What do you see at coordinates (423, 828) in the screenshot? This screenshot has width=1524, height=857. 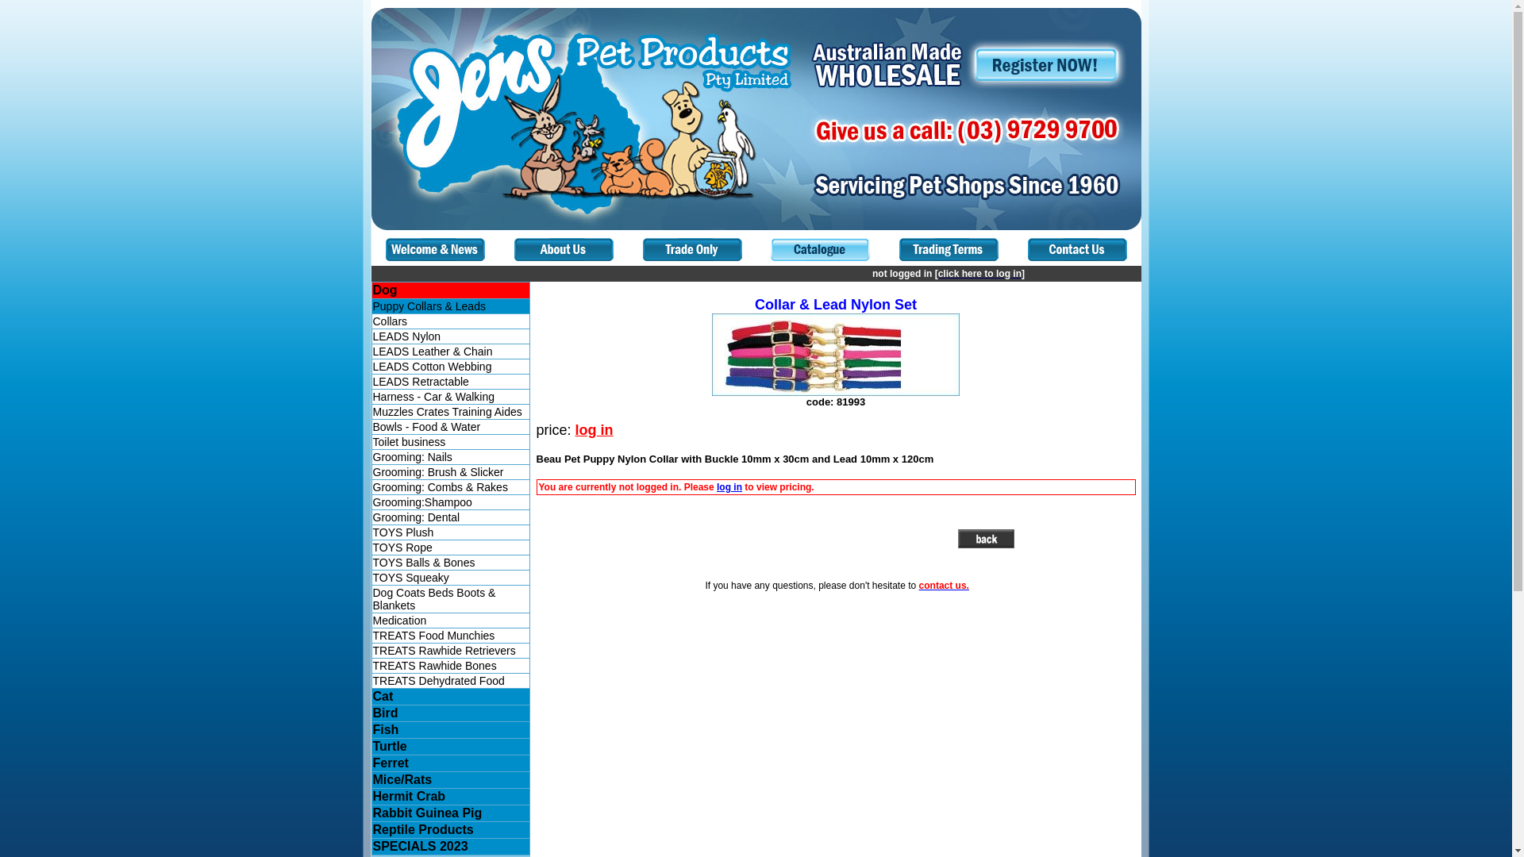 I see `'Reptile Products'` at bounding box center [423, 828].